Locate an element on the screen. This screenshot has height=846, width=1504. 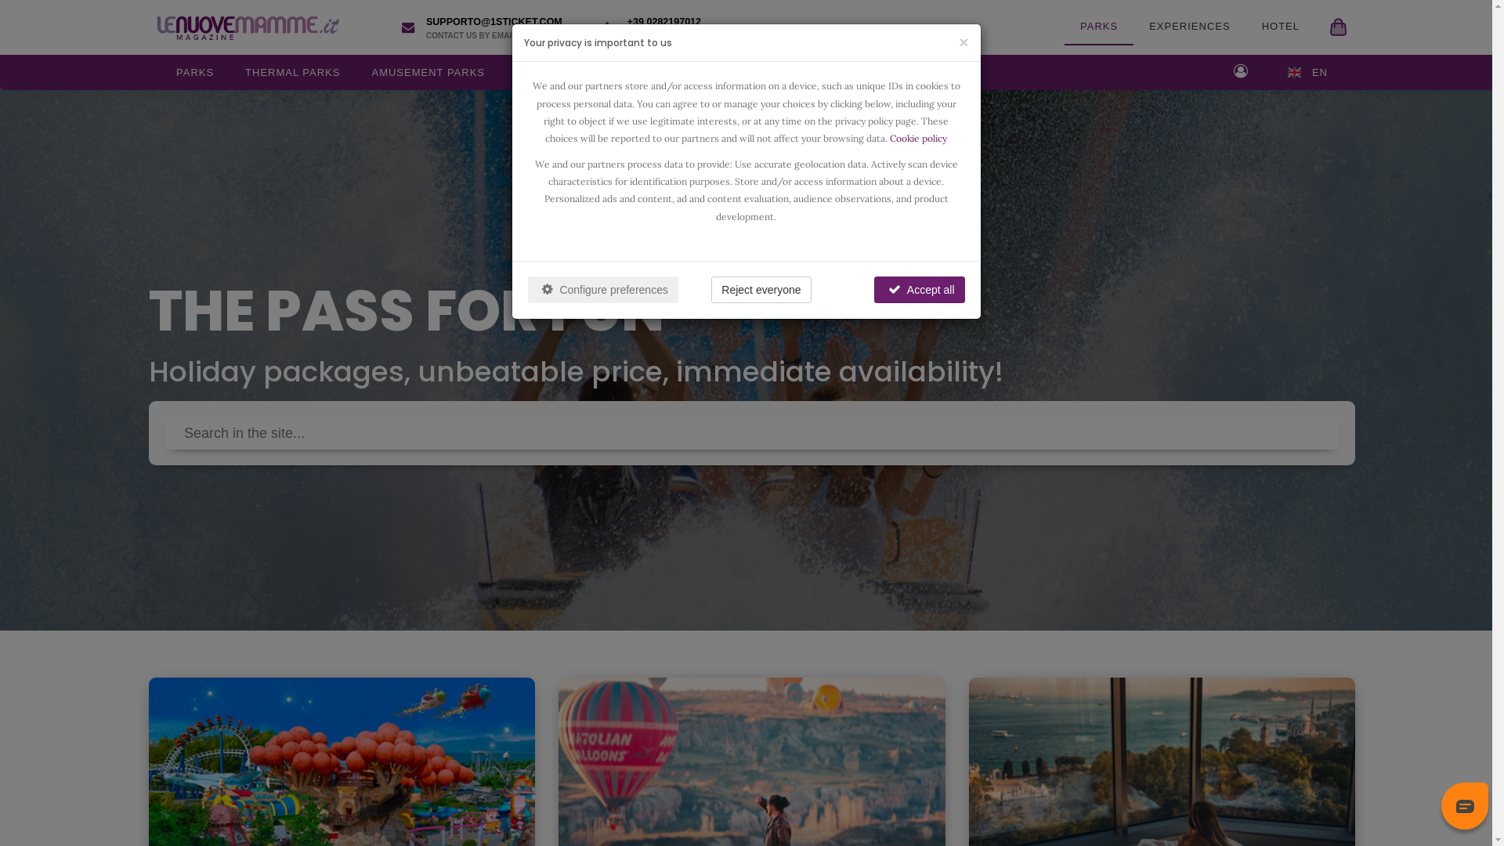
'Reject everyone' is located at coordinates (761, 290).